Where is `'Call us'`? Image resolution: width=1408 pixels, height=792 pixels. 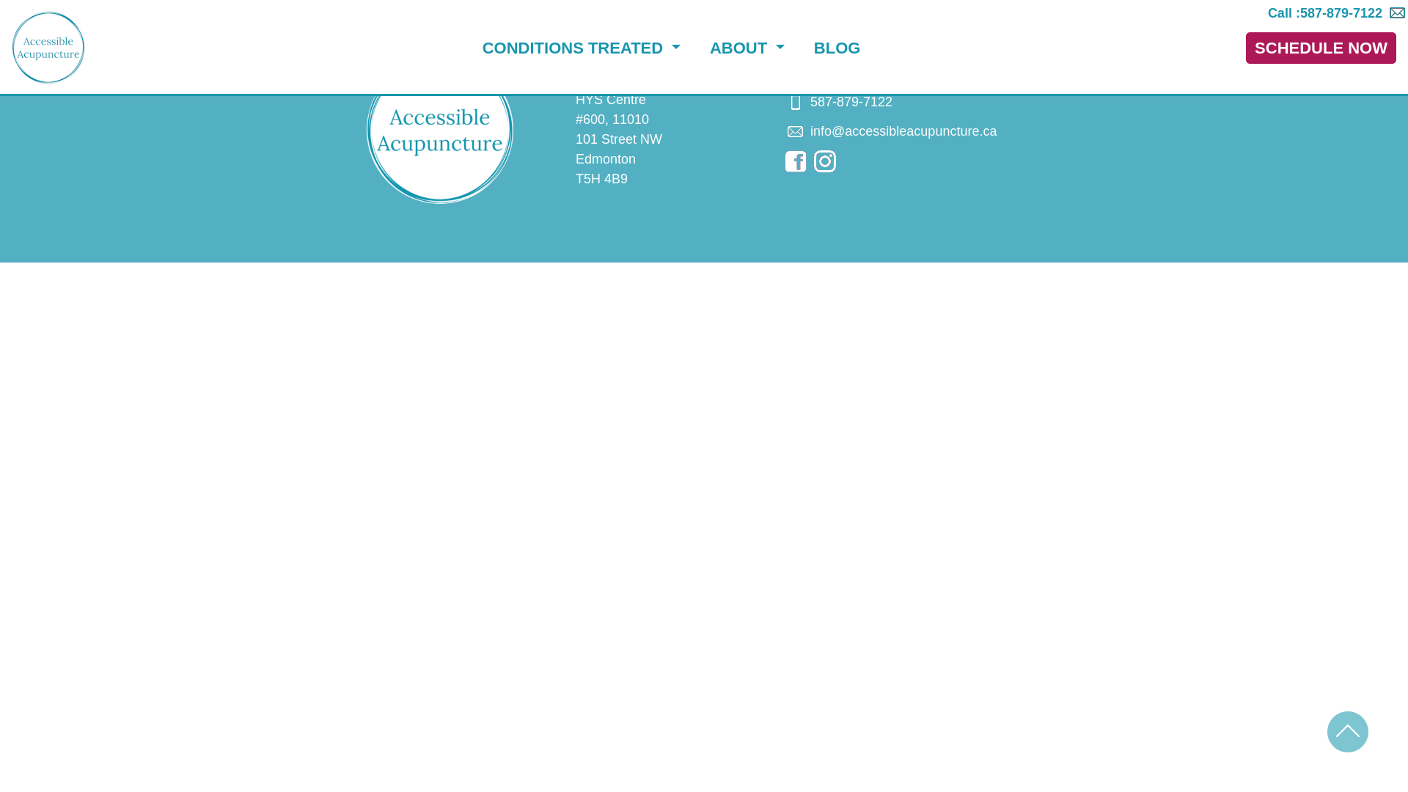 'Call us' is located at coordinates (794, 101).